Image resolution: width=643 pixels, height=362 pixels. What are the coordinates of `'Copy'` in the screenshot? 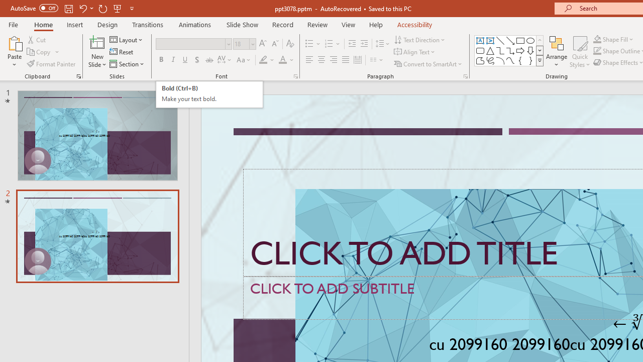 It's located at (43, 52).